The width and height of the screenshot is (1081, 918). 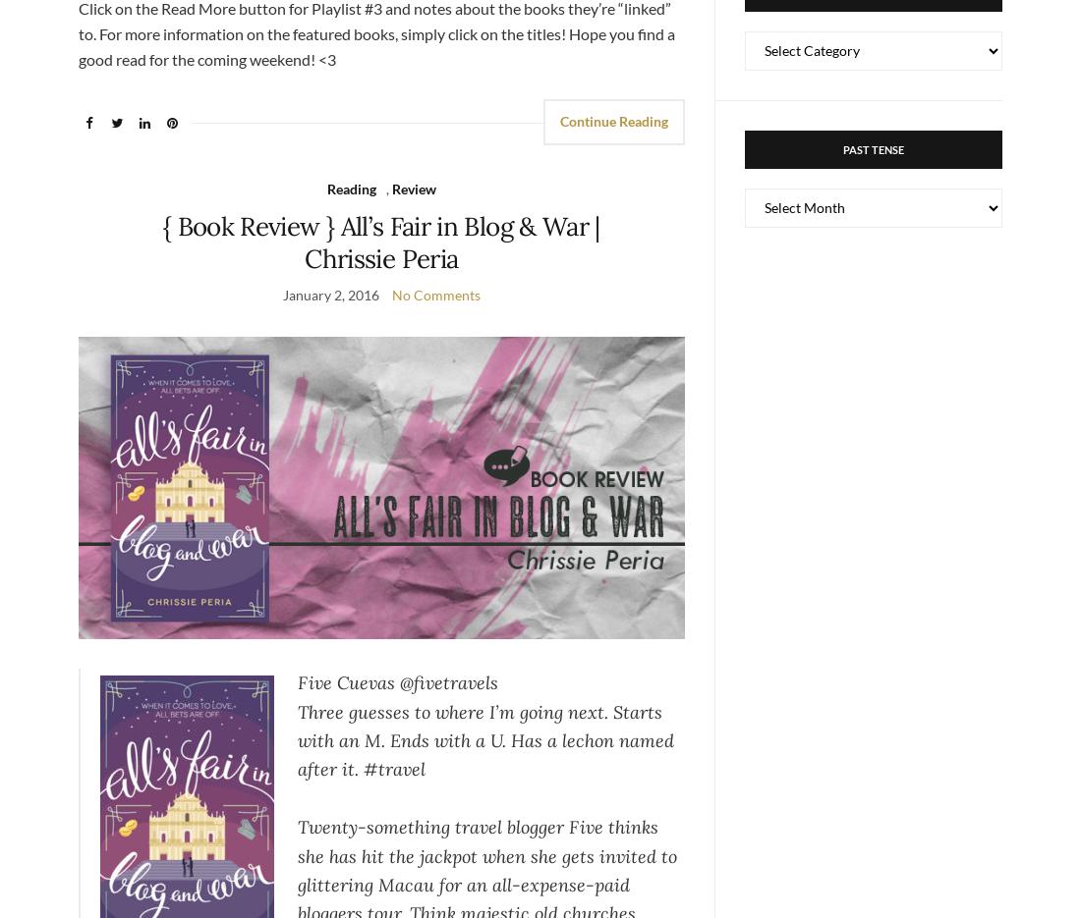 What do you see at coordinates (485, 739) in the screenshot?
I see `'Three guesses to where I’m going next. Starts with an M. Ends with a U. Has a lechon named after it. #travel'` at bounding box center [485, 739].